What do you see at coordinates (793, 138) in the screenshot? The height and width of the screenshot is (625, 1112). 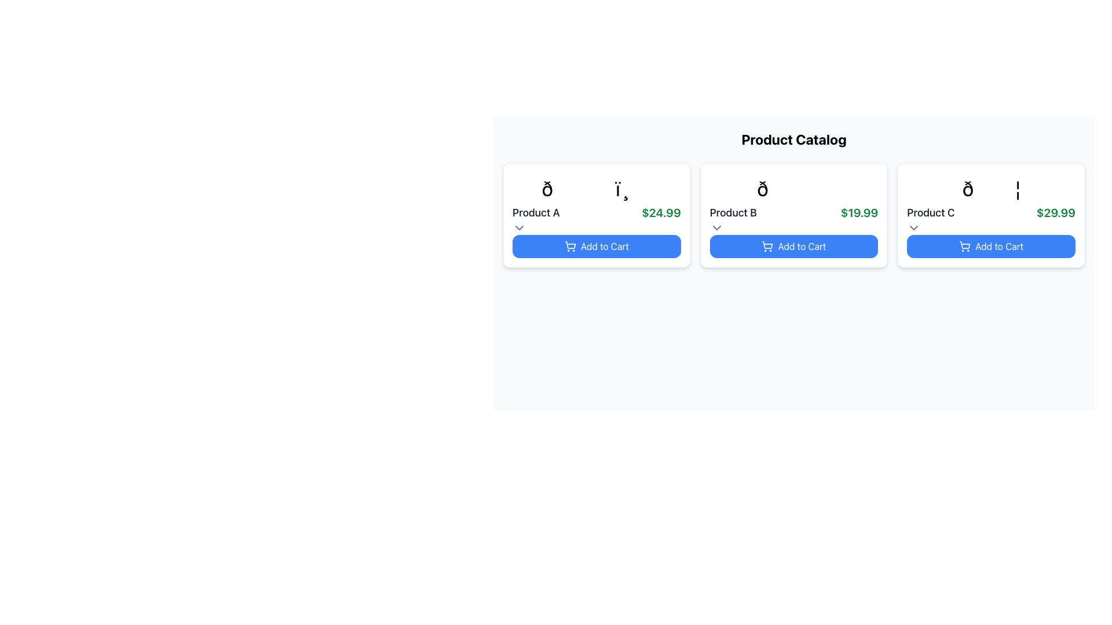 I see `the title text element that serves as the header for the section, positioned at the top center above a grid of product cards` at bounding box center [793, 138].